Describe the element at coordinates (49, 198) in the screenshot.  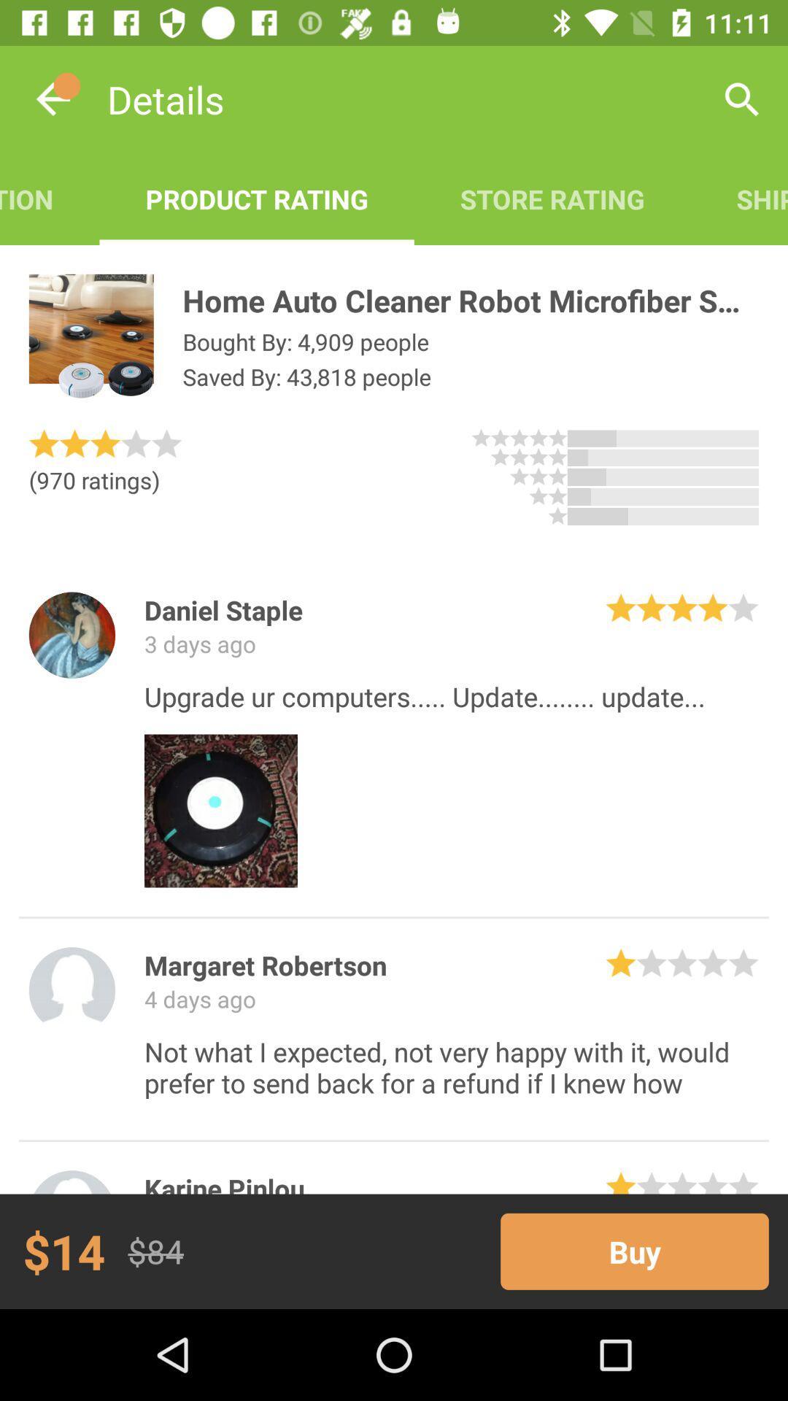
I see `app next to product rating` at that location.